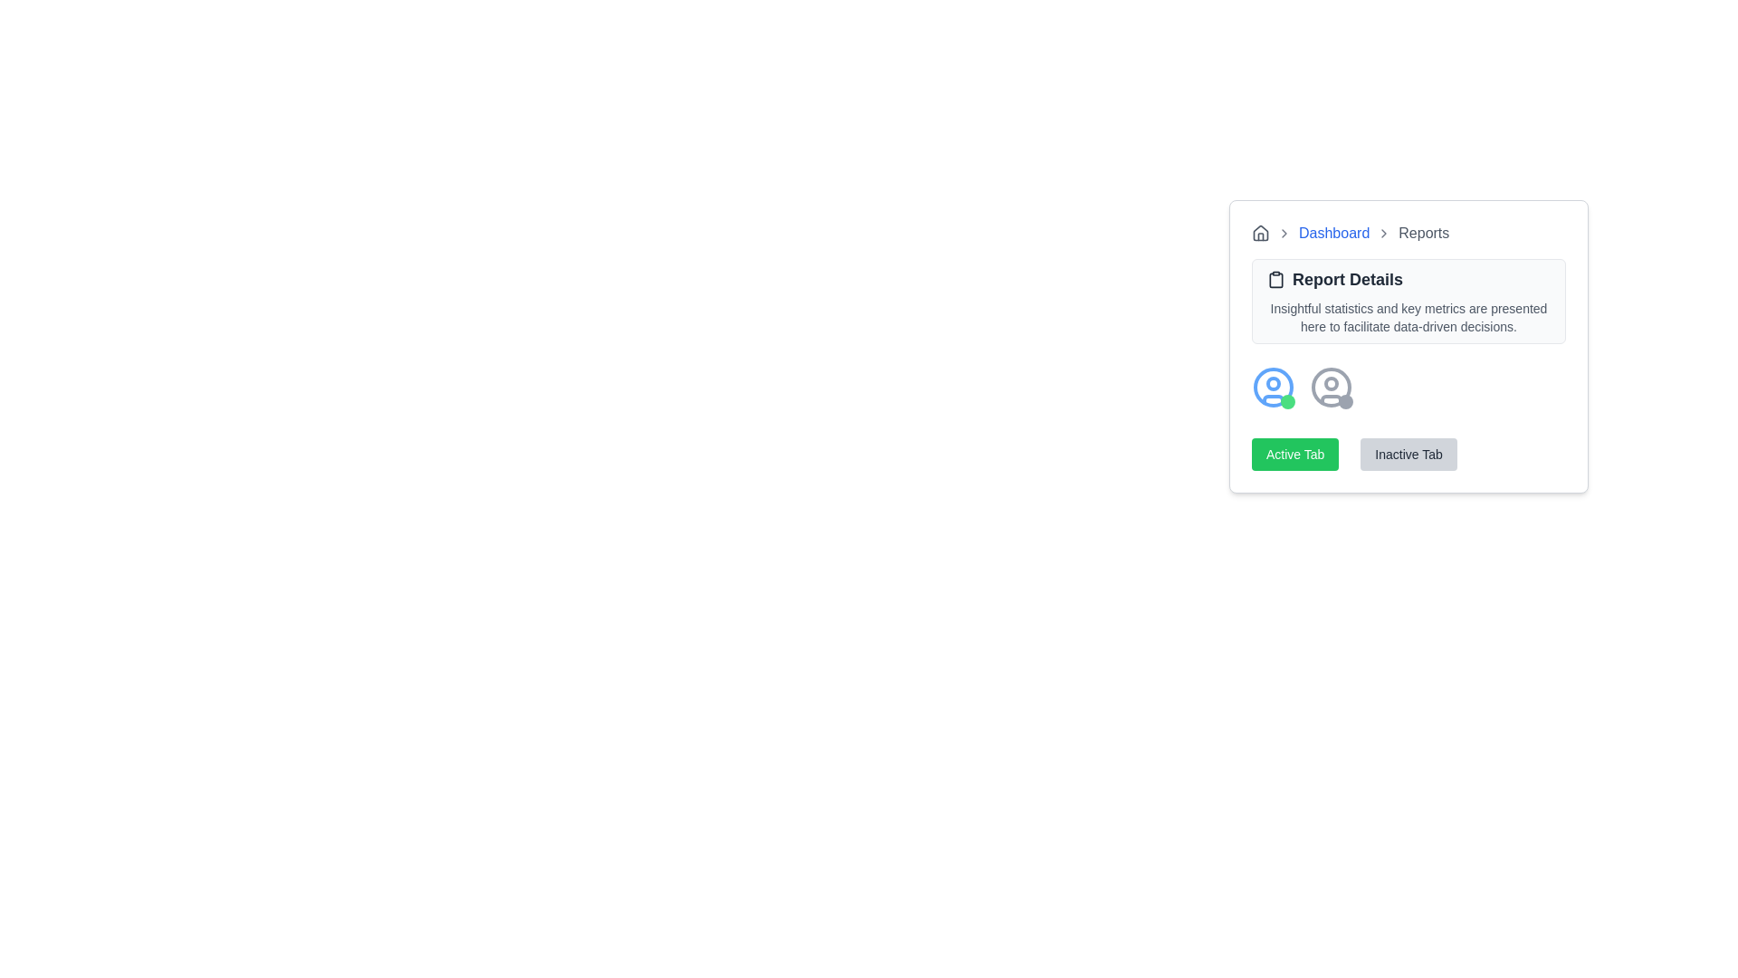 This screenshot has width=1738, height=978. What do you see at coordinates (1346, 400) in the screenshot?
I see `the appearance of the gray circular status indicator located at the bottom-right corner of the user profile icon` at bounding box center [1346, 400].